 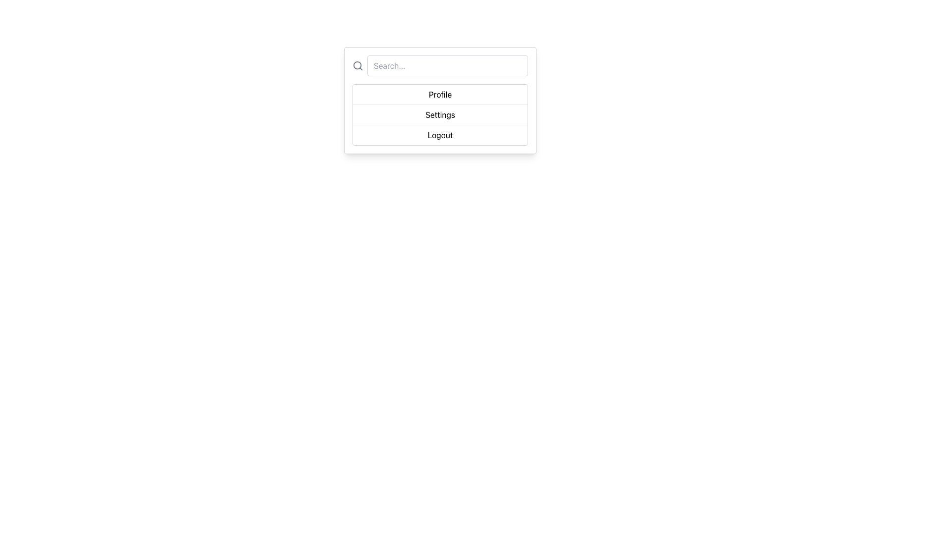 I want to click on the 'Logout' menu option, which is the third item in a vertical list of options styled with padding and displayed in black text on a white background, so click(x=440, y=135).